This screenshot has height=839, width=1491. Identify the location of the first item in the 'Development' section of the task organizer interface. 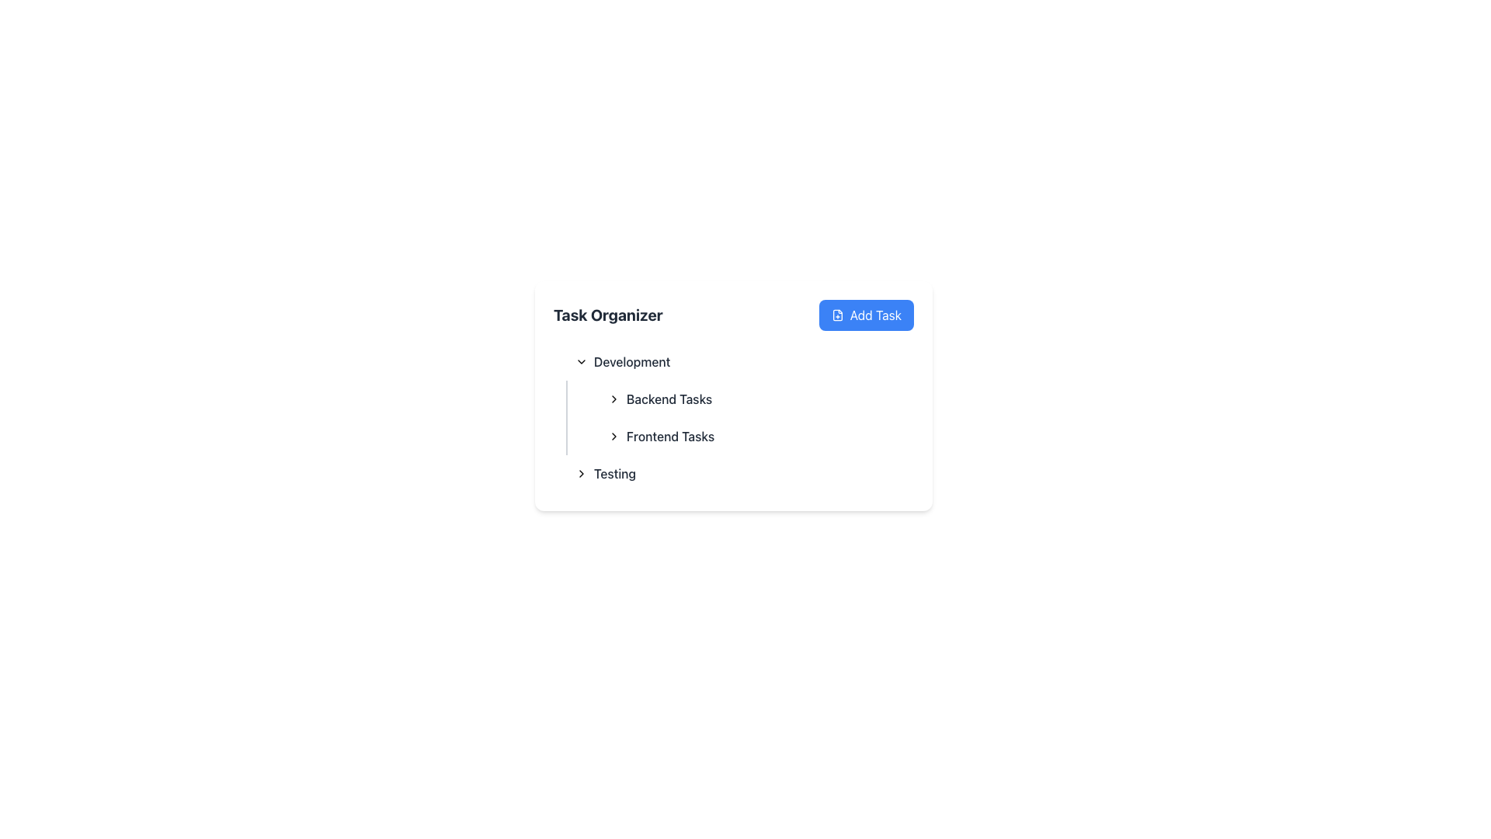
(756, 398).